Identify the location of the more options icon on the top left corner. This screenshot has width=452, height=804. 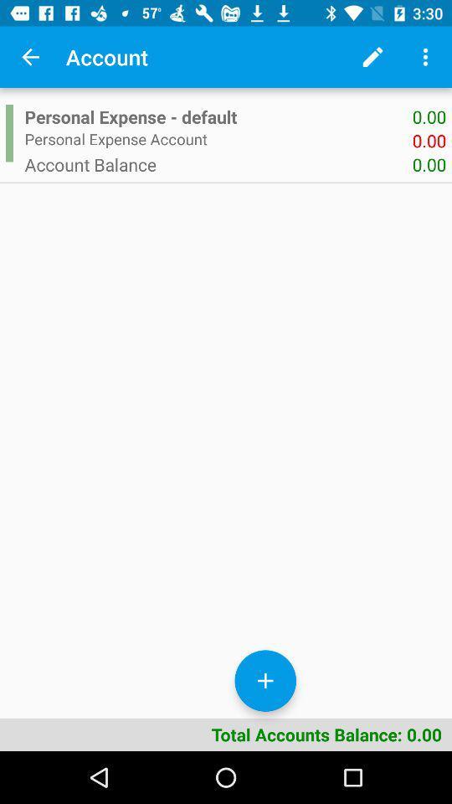
(425, 57).